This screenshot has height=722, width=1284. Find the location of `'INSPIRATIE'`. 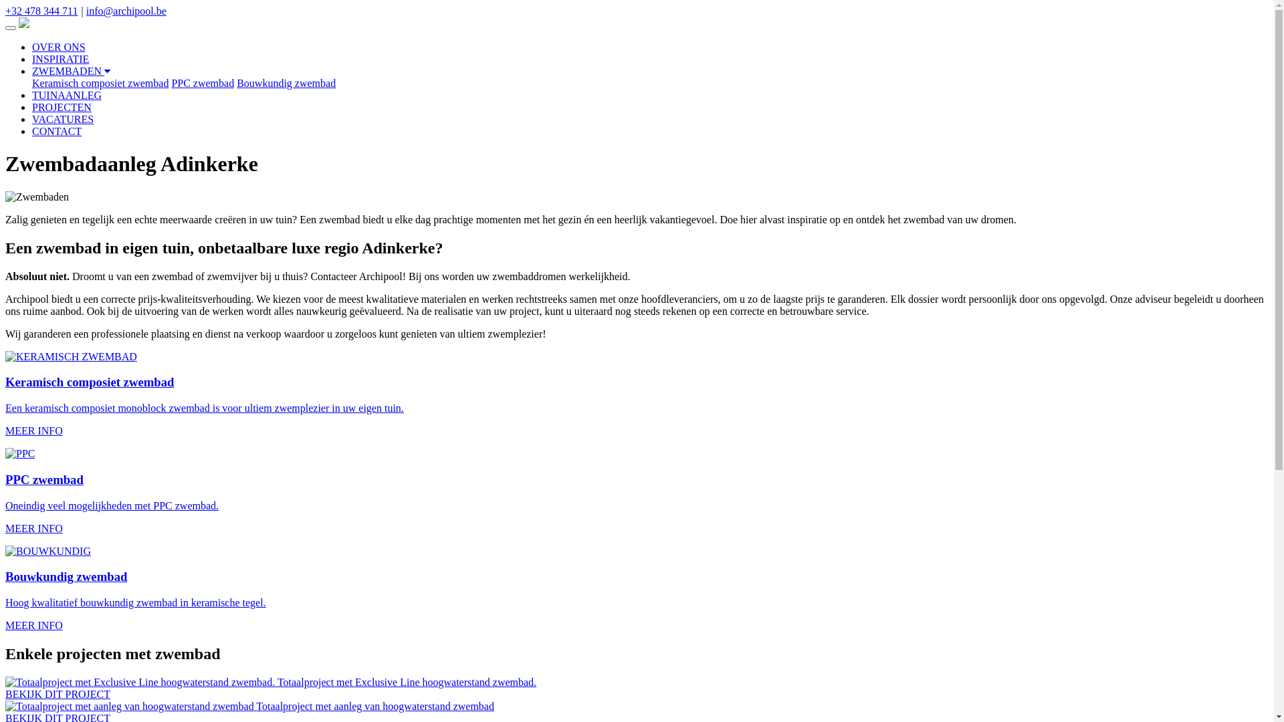

'INSPIRATIE' is located at coordinates (60, 58).